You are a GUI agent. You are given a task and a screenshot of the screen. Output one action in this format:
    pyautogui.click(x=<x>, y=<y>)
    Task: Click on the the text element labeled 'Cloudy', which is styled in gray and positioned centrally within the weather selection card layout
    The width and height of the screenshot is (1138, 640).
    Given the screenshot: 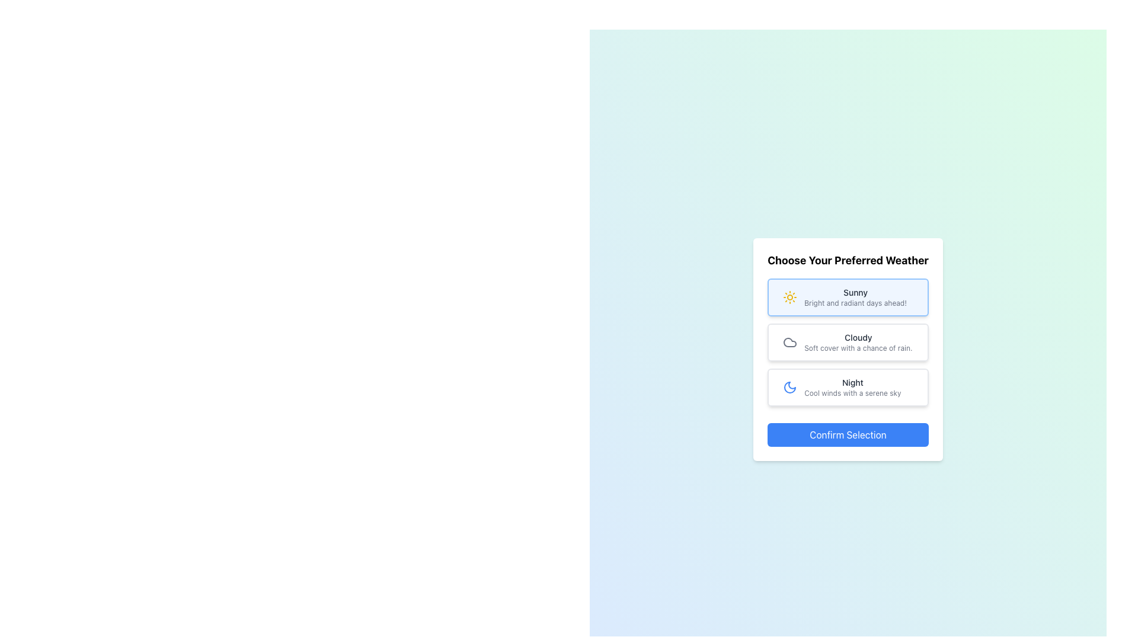 What is the action you would take?
    pyautogui.click(x=858, y=338)
    